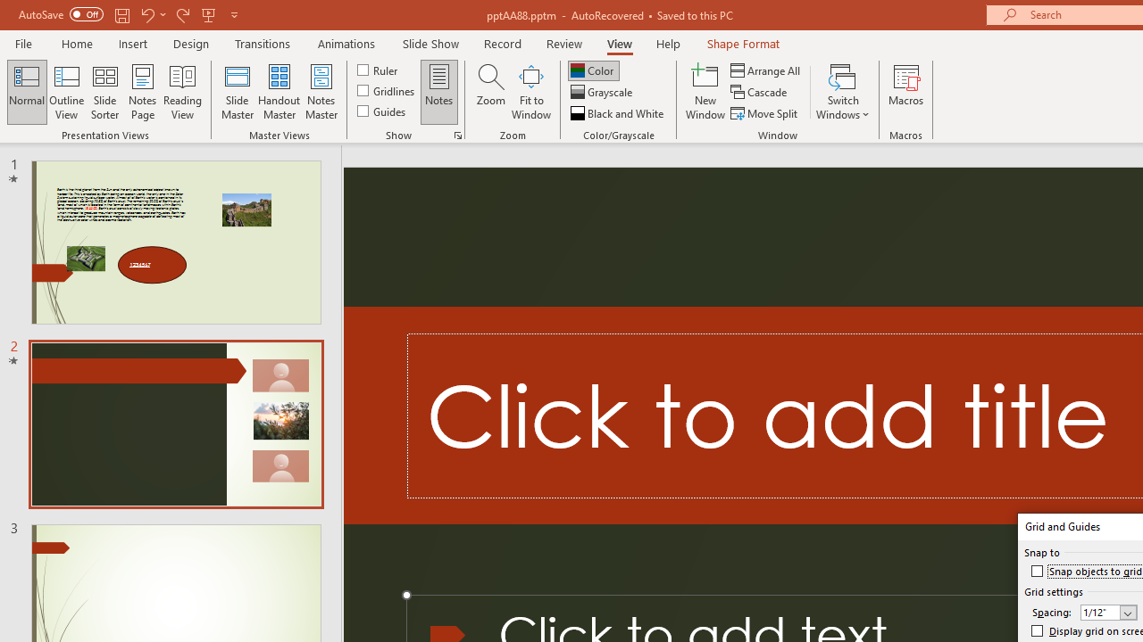 The image size is (1143, 642). Describe the element at coordinates (530, 92) in the screenshot. I see `'Fit to Window'` at that location.